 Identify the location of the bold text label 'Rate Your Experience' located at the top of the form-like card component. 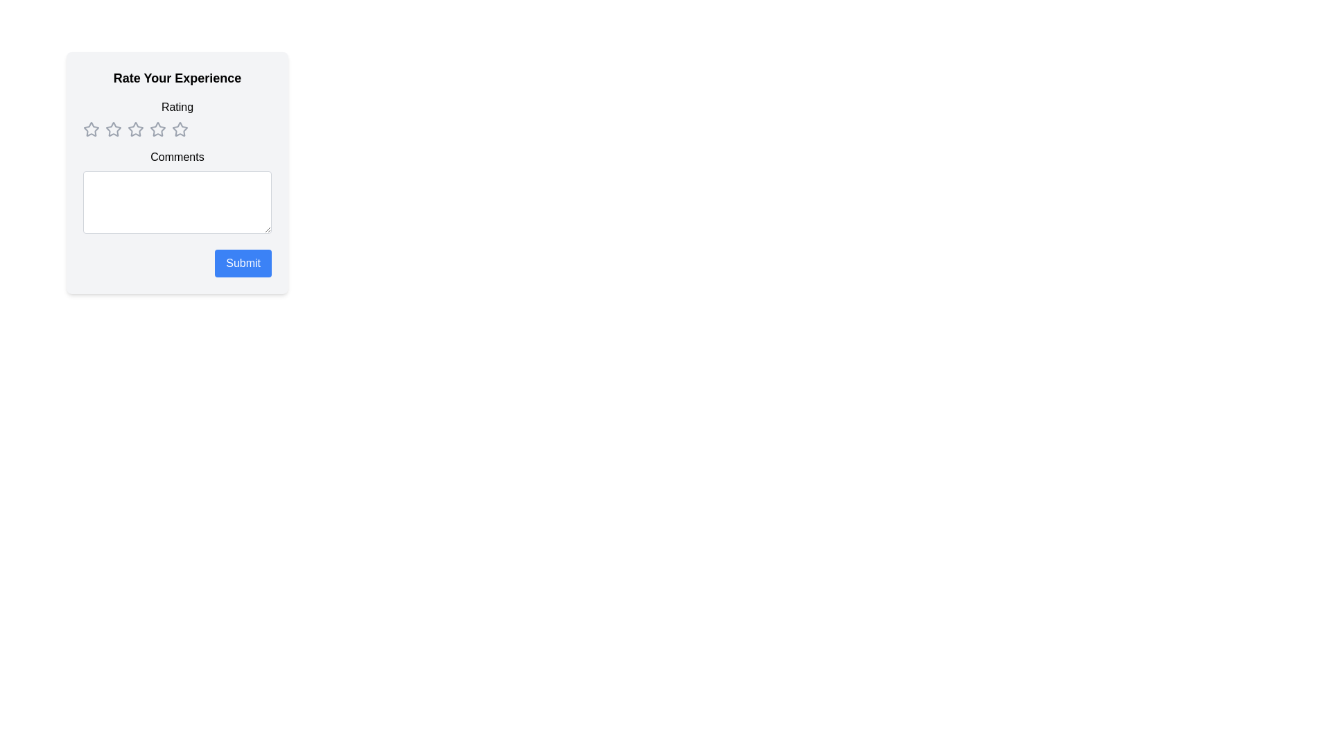
(176, 78).